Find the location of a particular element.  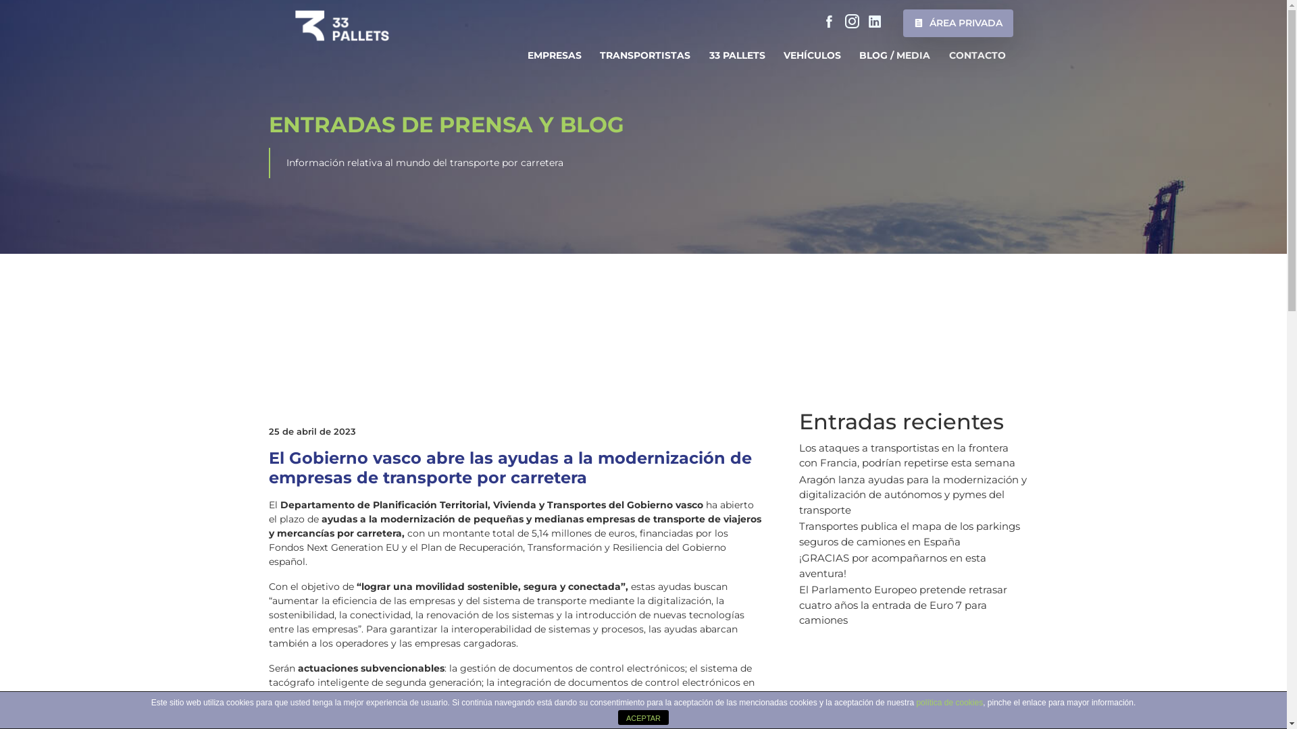

'EMPRESAS' is located at coordinates (554, 55).